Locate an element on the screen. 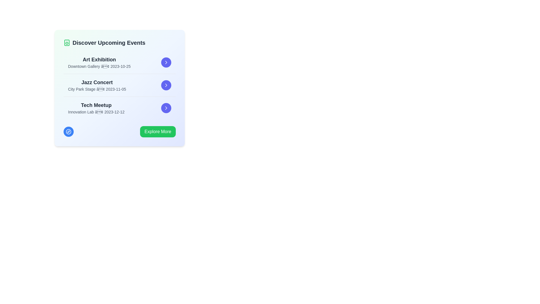 This screenshot has width=540, height=304. the event details button for Art Exhibition is located at coordinates (166, 62).